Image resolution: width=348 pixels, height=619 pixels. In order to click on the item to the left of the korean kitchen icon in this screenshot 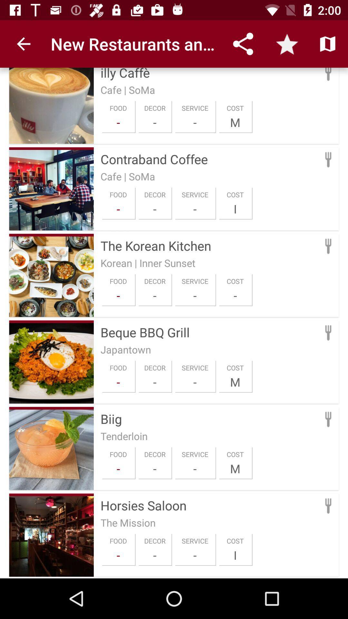, I will do `click(51, 235)`.